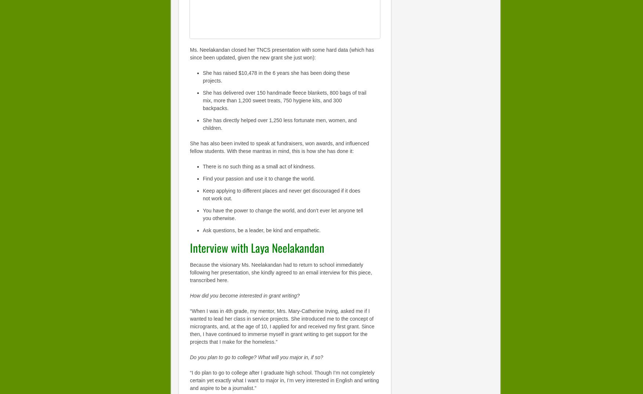  Describe the element at coordinates (259, 178) in the screenshot. I see `'Find your passion and use it to change the world.'` at that location.